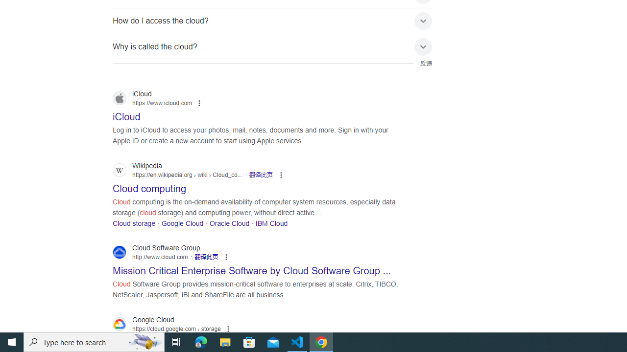 This screenshot has width=627, height=352. I want to click on 'Why is called the cloud?', so click(272, 46).